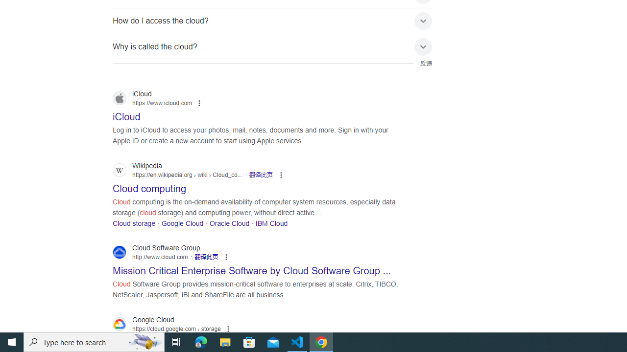 This screenshot has width=627, height=352. I want to click on 'Why is called the cloud?', so click(272, 46).